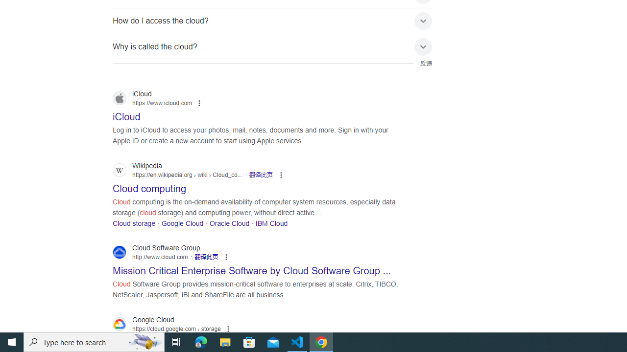 This screenshot has width=627, height=352. I want to click on 'Why is called the cloud?', so click(272, 46).